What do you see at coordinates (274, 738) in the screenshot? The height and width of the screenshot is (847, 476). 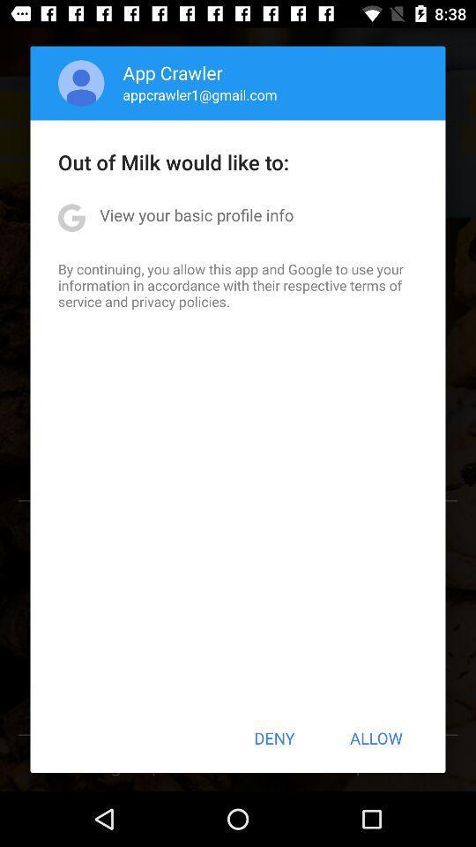 I see `the deny button` at bounding box center [274, 738].